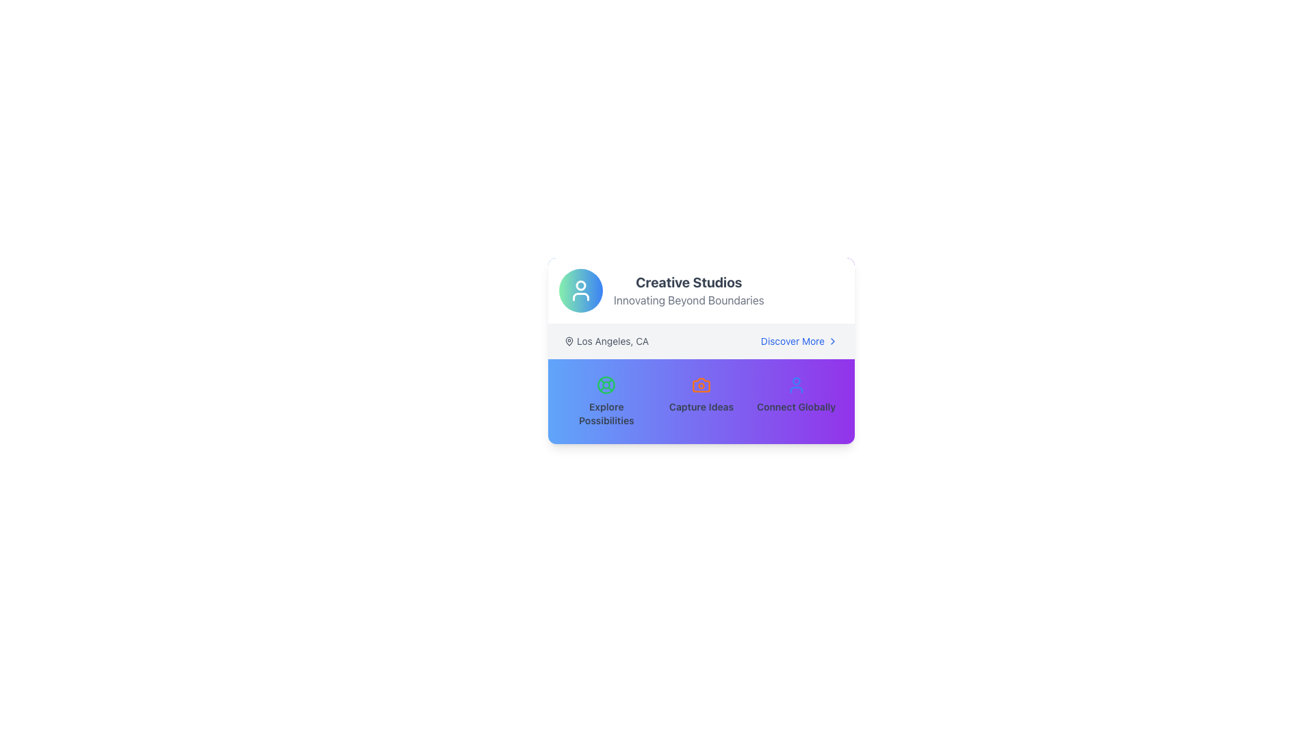  What do you see at coordinates (606, 385) in the screenshot?
I see `the outermost circular outline of the life-buoy icon with a green stroke located in the 'Explore Possibilities' section of the card in the bottom-left corner of the interface` at bounding box center [606, 385].